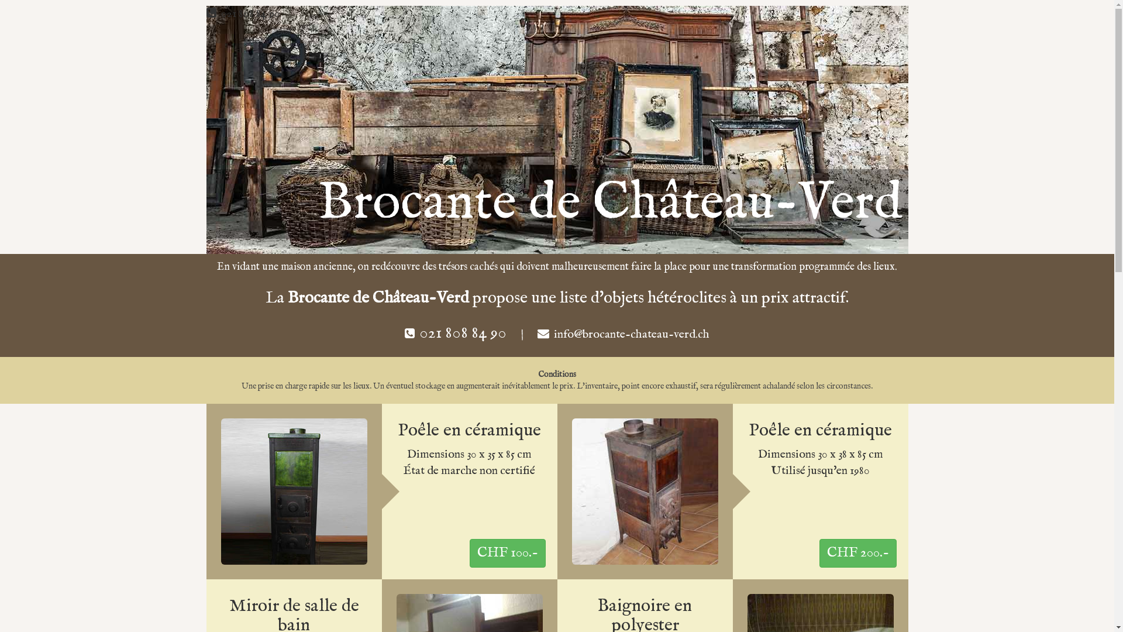 This screenshot has height=632, width=1123. What do you see at coordinates (631, 334) in the screenshot?
I see `'info@brocante-chateau-verd.ch'` at bounding box center [631, 334].